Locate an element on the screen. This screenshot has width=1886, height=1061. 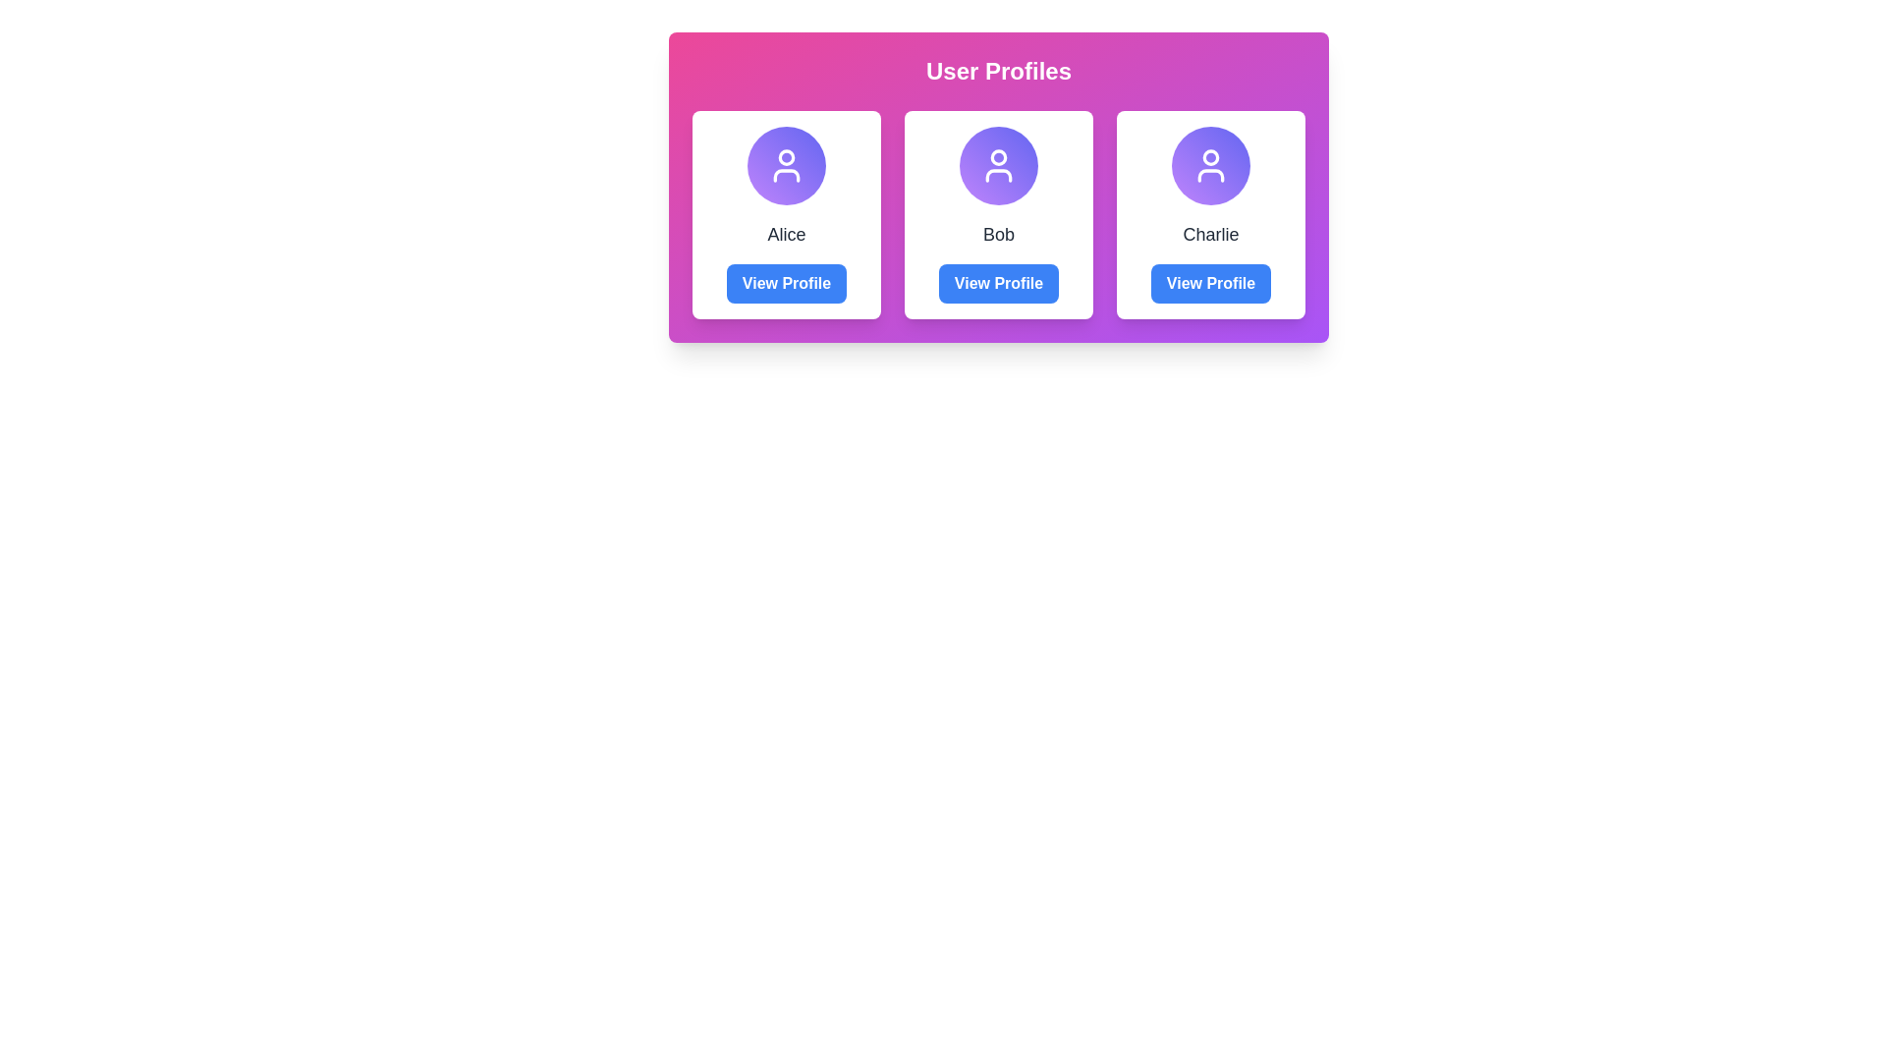
the lower half of the SVG user icon representing 'Charlie' in the third column of the user profiles section is located at coordinates (1210, 174).